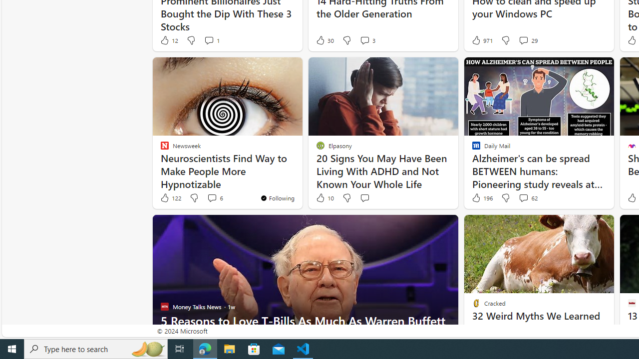 The image size is (639, 359). Describe the element at coordinates (527, 198) in the screenshot. I see `'View comments 62 Comment'` at that location.